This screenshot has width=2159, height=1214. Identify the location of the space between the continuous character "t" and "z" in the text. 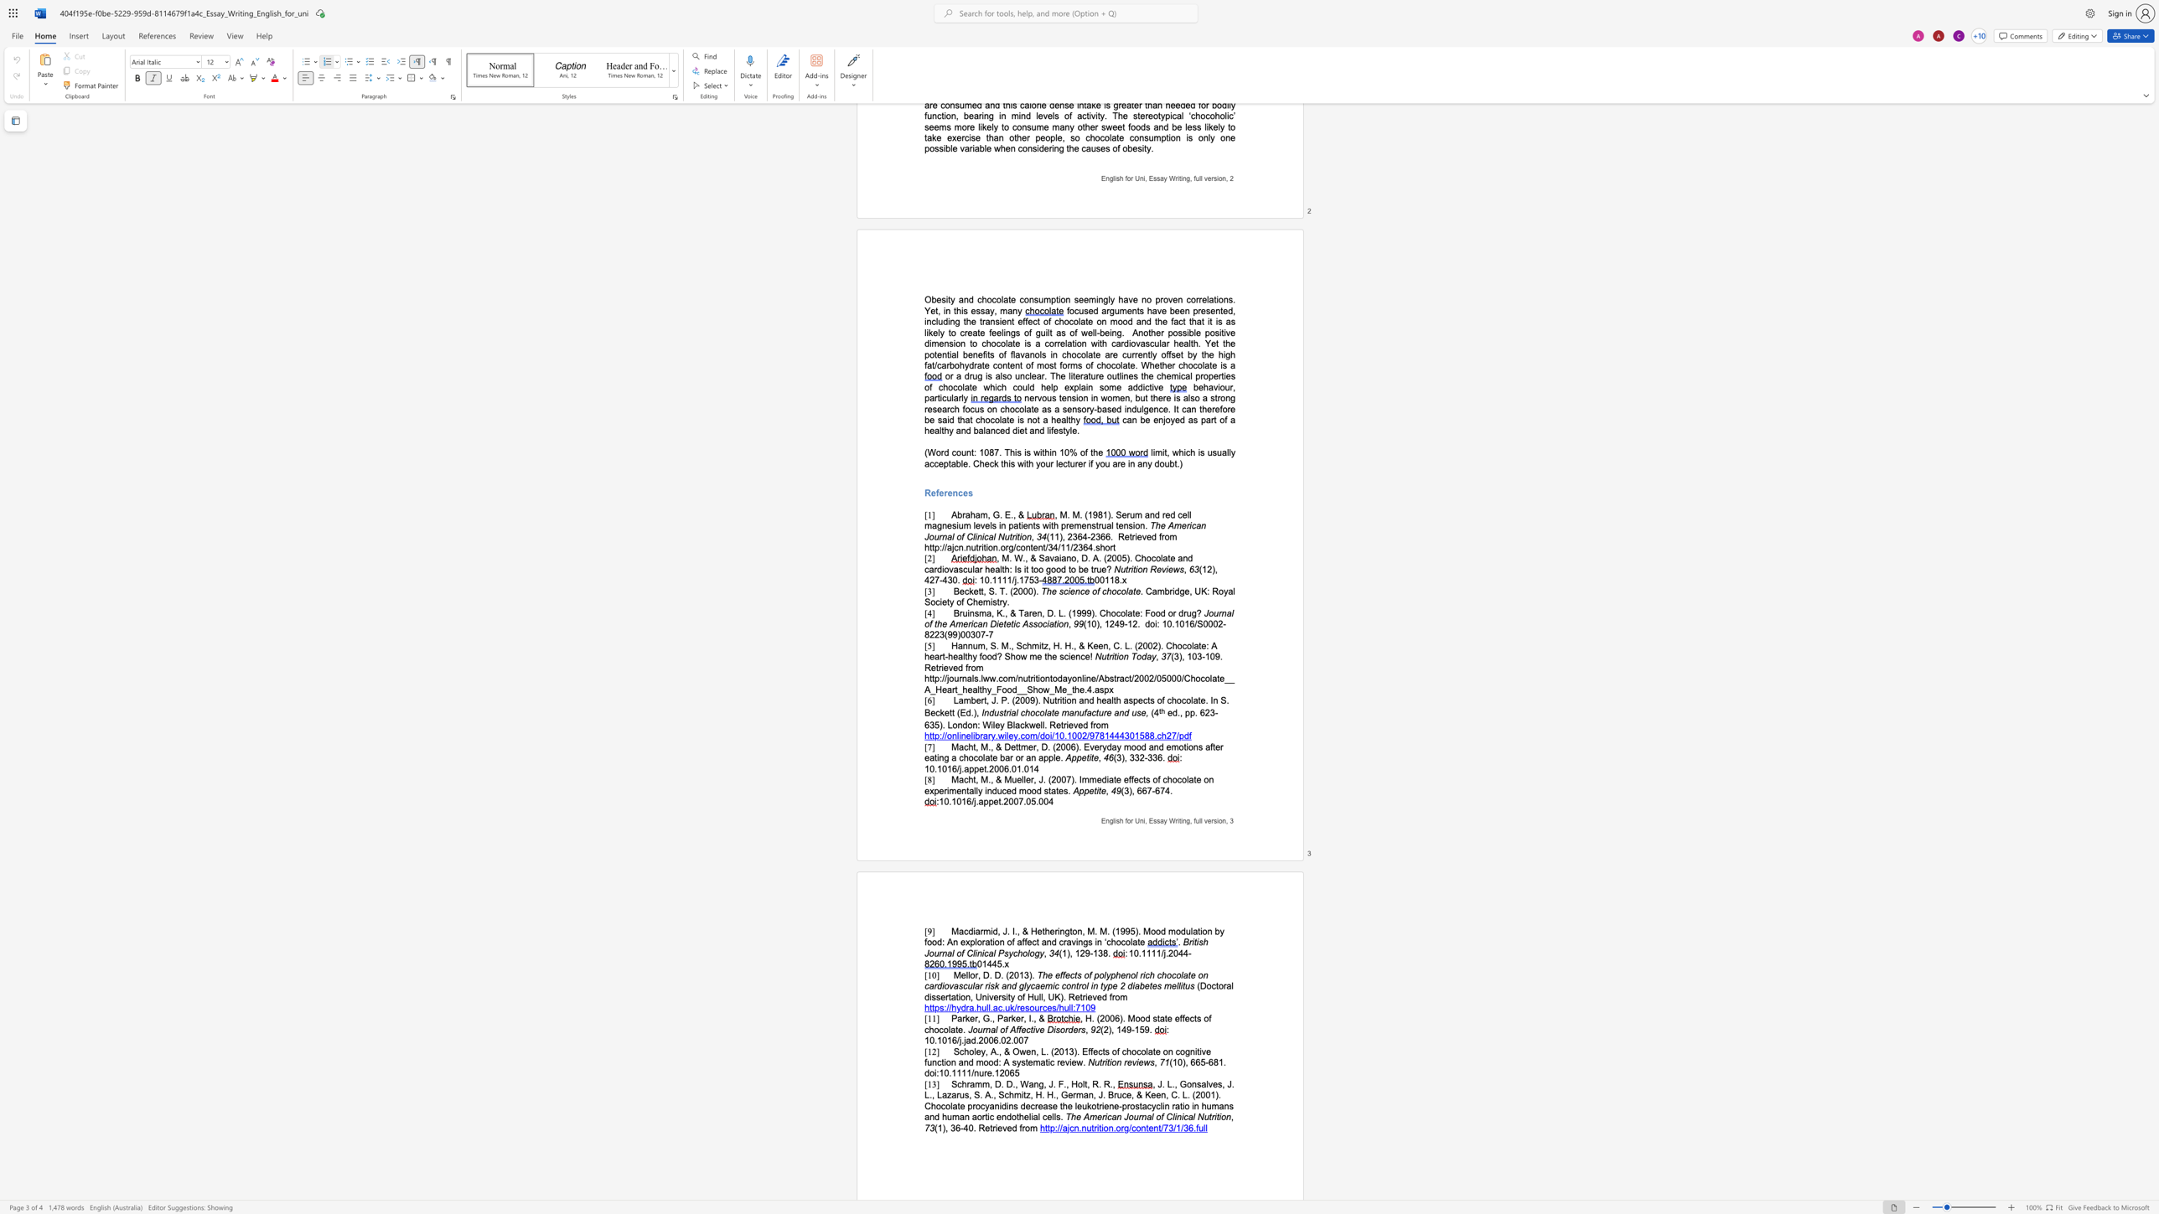
(1043, 644).